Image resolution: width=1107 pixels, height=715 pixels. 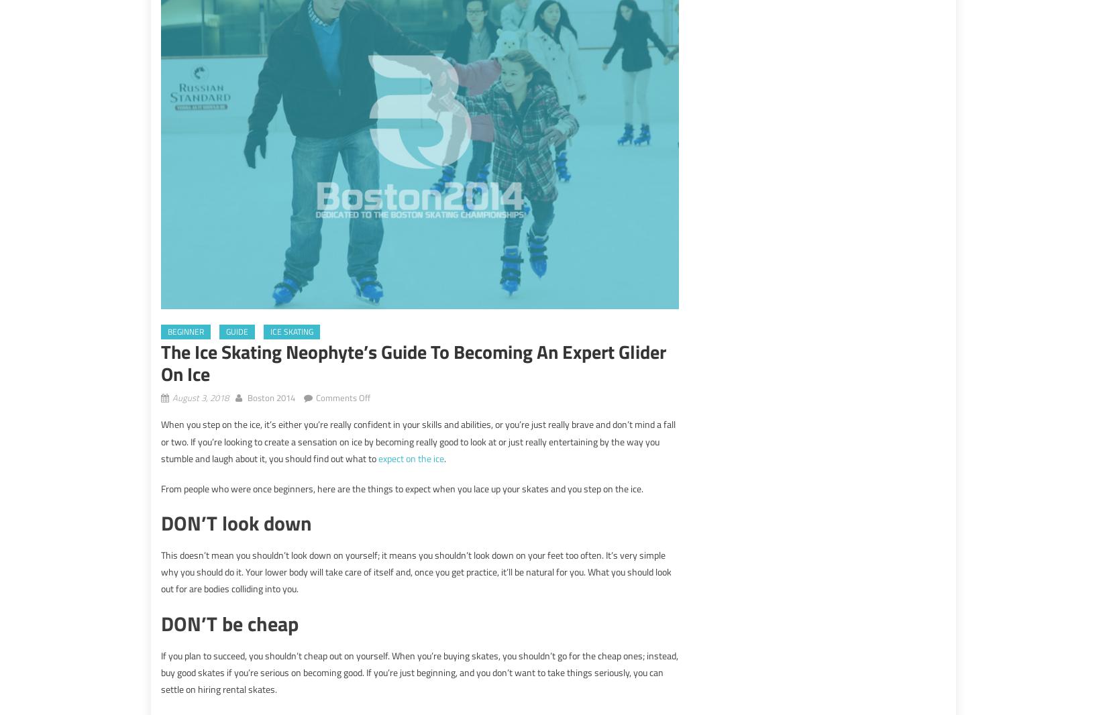 I want to click on 'expect on the ice', so click(x=410, y=457).